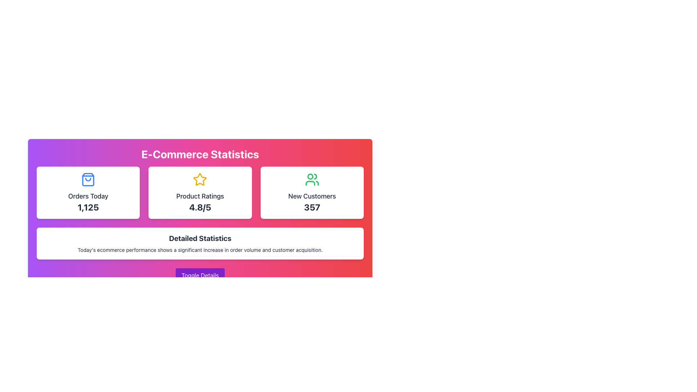  I want to click on the star icon representing product ratings located in the middle block of the layout above the rating value '4.8/5', so click(200, 179).